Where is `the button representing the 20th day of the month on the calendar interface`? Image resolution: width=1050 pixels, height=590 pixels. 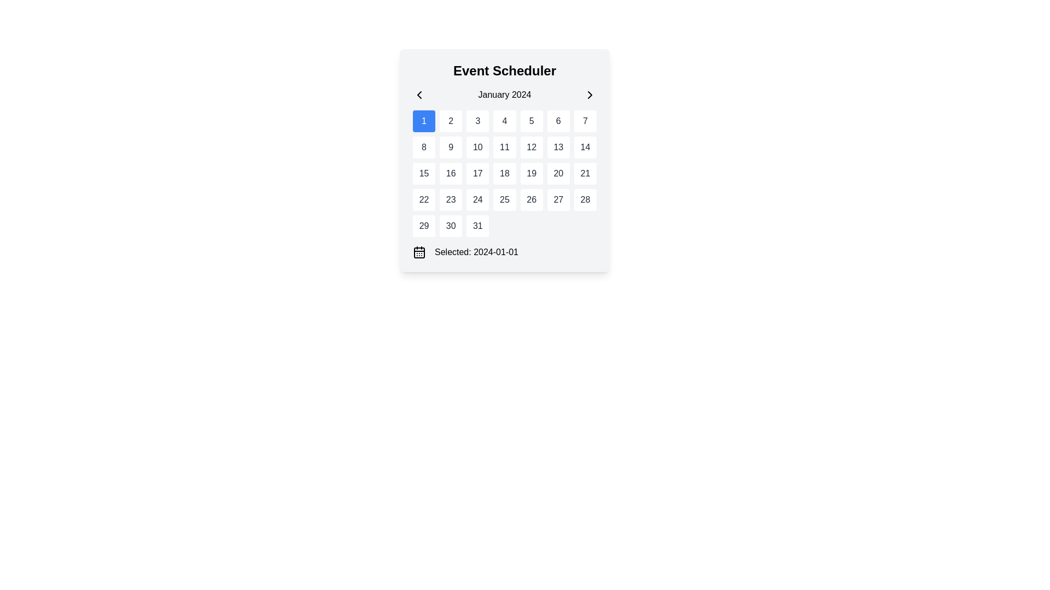 the button representing the 20th day of the month on the calendar interface is located at coordinates (558, 173).